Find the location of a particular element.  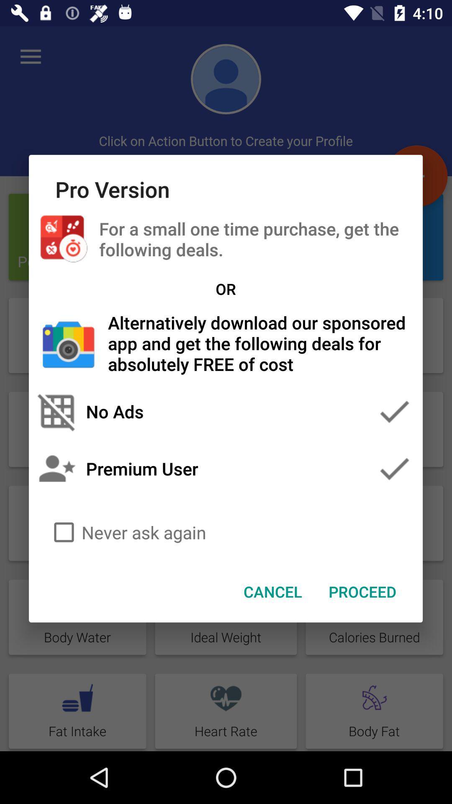

the item to the left of the proceed icon is located at coordinates (273, 591).